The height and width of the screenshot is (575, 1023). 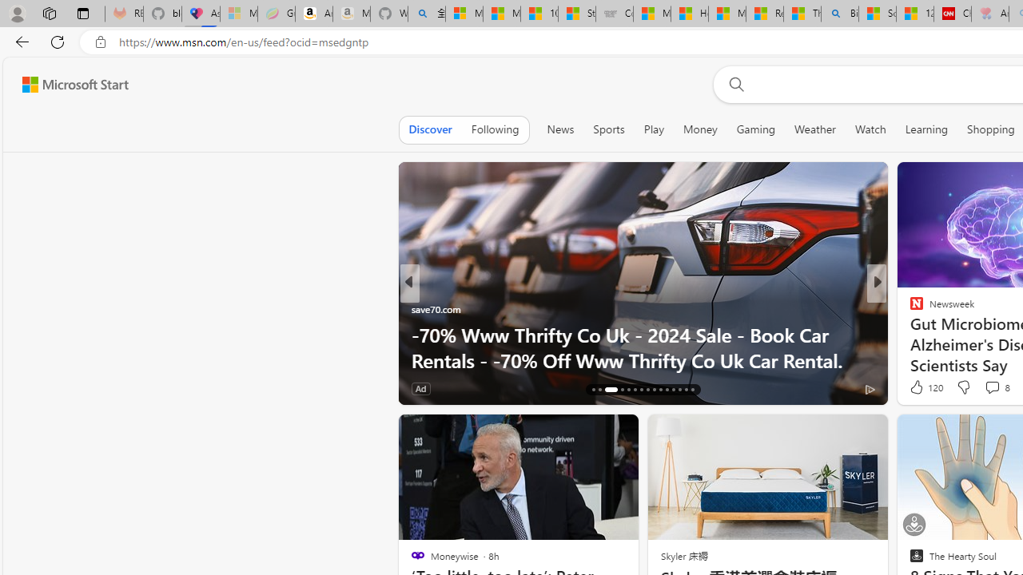 I want to click on 'View comments 203 Comment', so click(x=997, y=388).